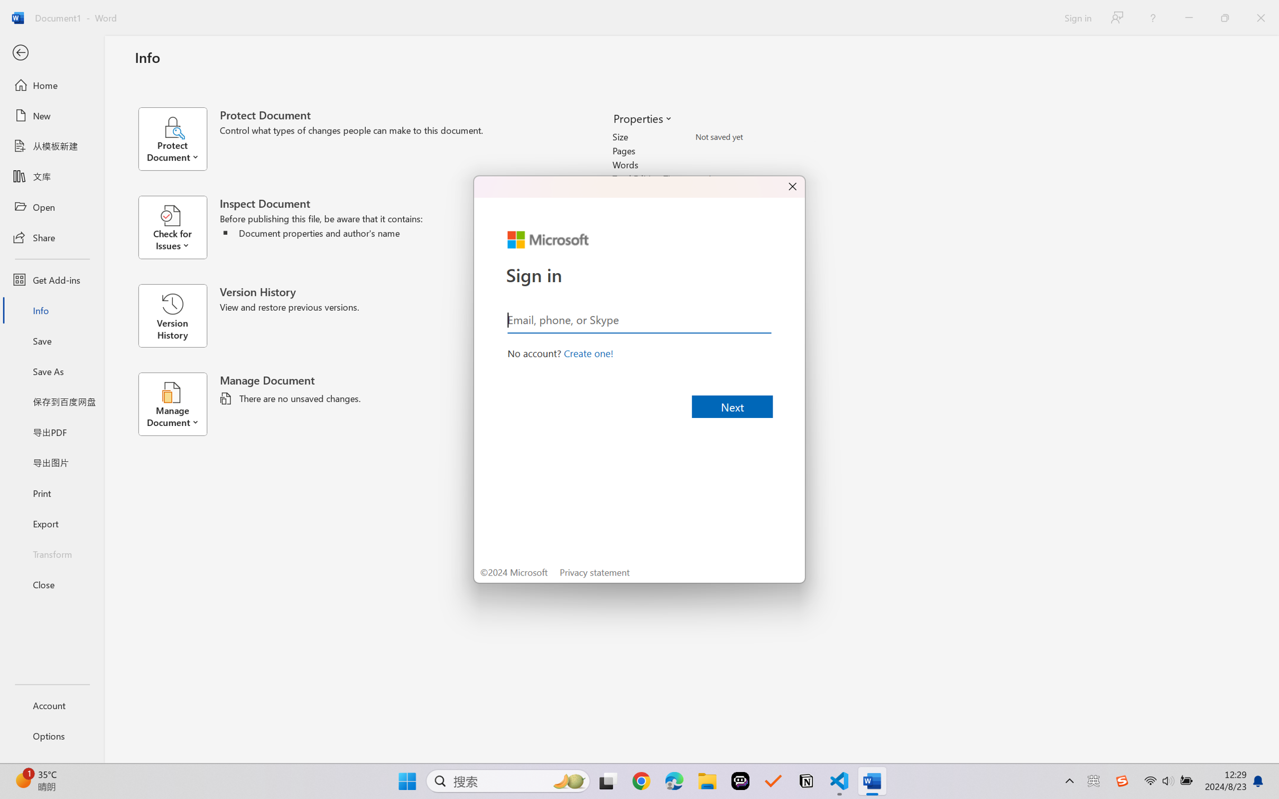  What do you see at coordinates (51, 523) in the screenshot?
I see `'Export'` at bounding box center [51, 523].